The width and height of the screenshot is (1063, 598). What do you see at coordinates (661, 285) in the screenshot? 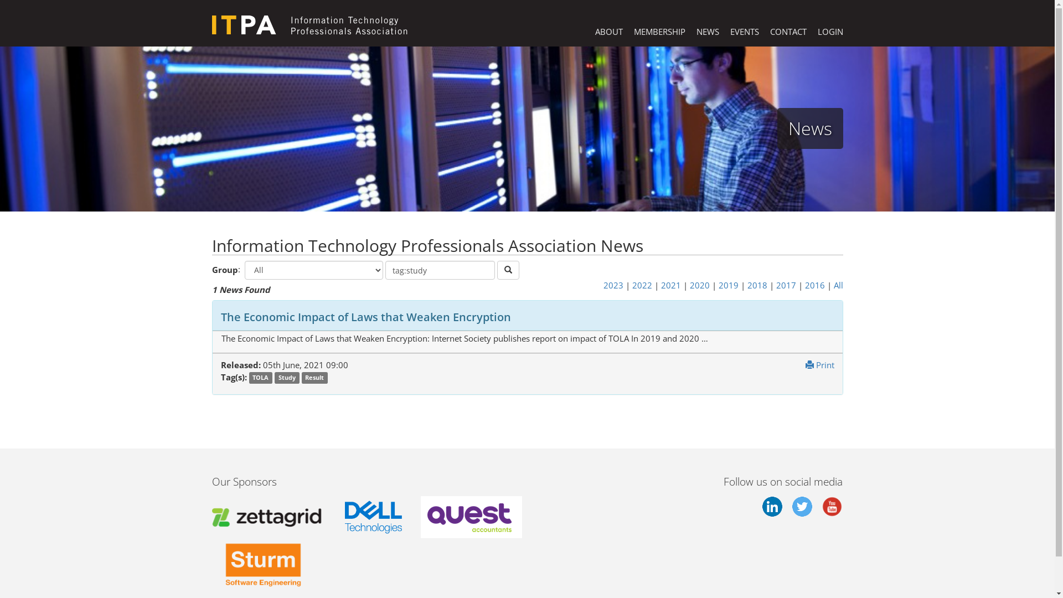
I see `'2021'` at bounding box center [661, 285].